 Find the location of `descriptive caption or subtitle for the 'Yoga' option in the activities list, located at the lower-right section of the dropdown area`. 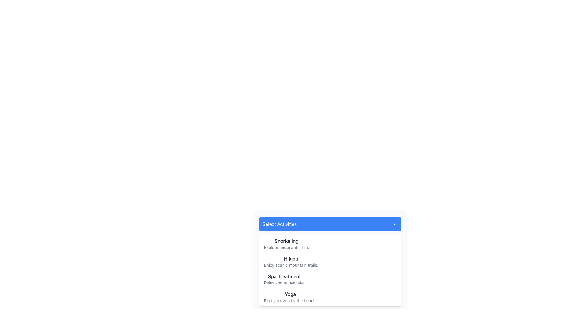

descriptive caption or subtitle for the 'Yoga' option in the activities list, located at the lower-right section of the dropdown area is located at coordinates (290, 301).